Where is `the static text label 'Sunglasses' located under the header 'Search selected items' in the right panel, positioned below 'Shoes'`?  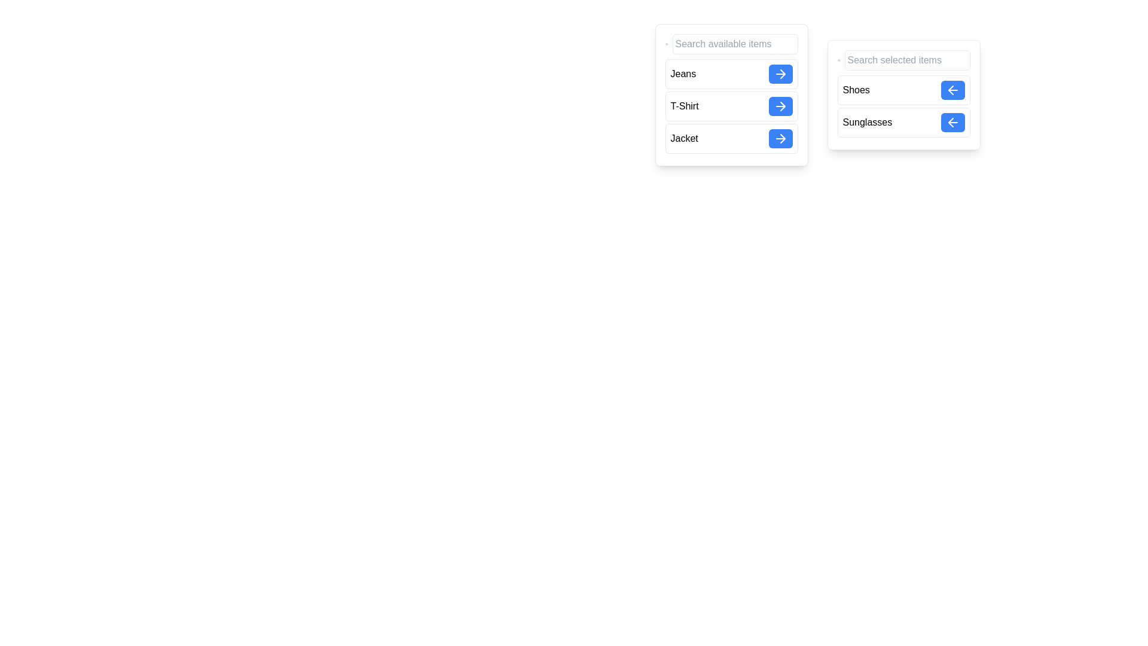 the static text label 'Sunglasses' located under the header 'Search selected items' in the right panel, positioned below 'Shoes' is located at coordinates (867, 122).